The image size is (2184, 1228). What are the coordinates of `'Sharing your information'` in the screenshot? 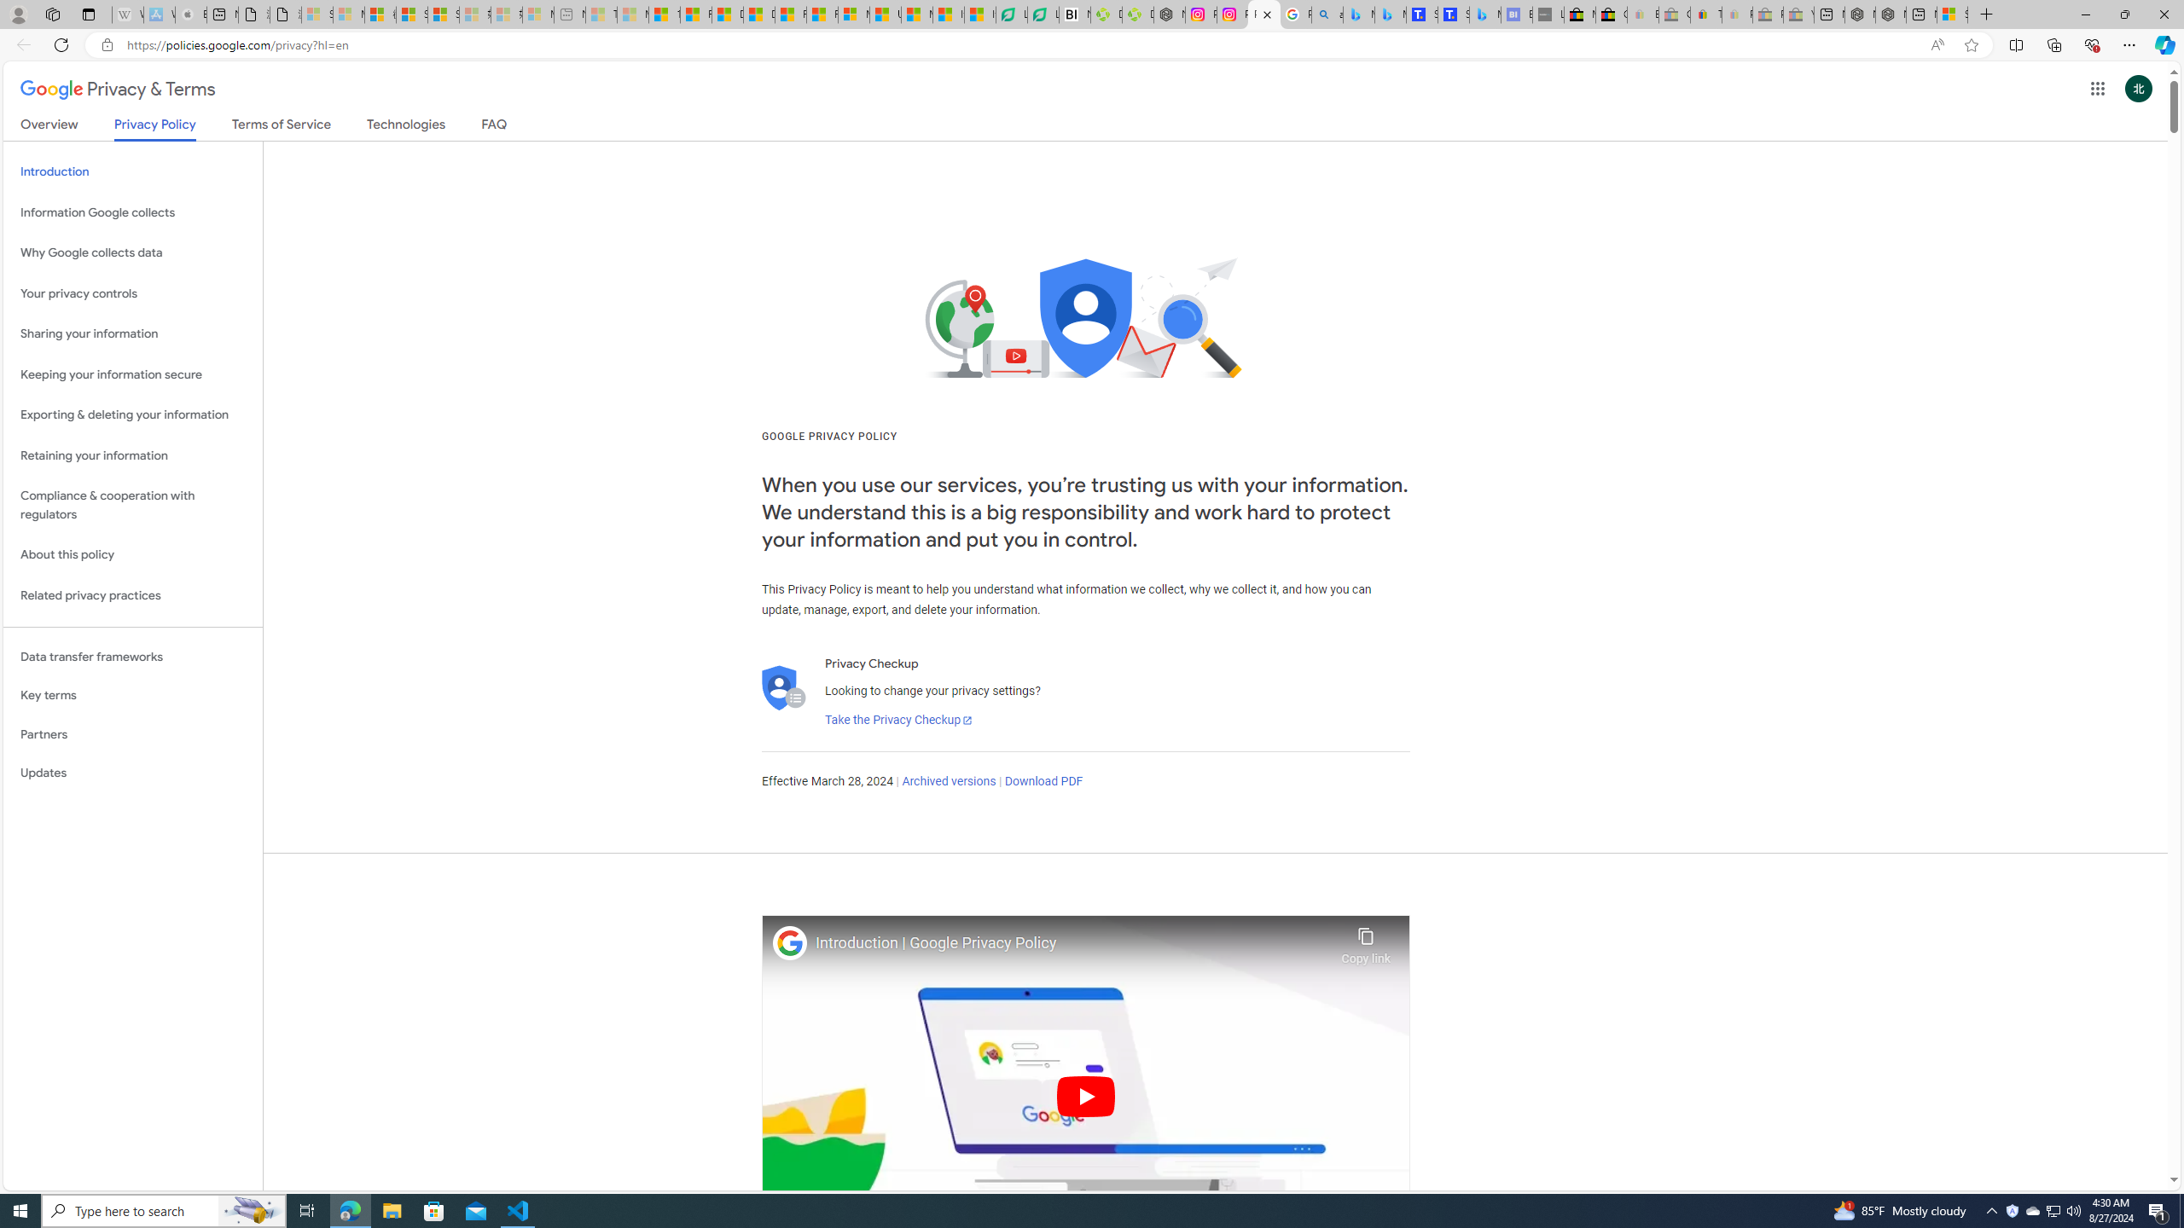 It's located at (132, 333).